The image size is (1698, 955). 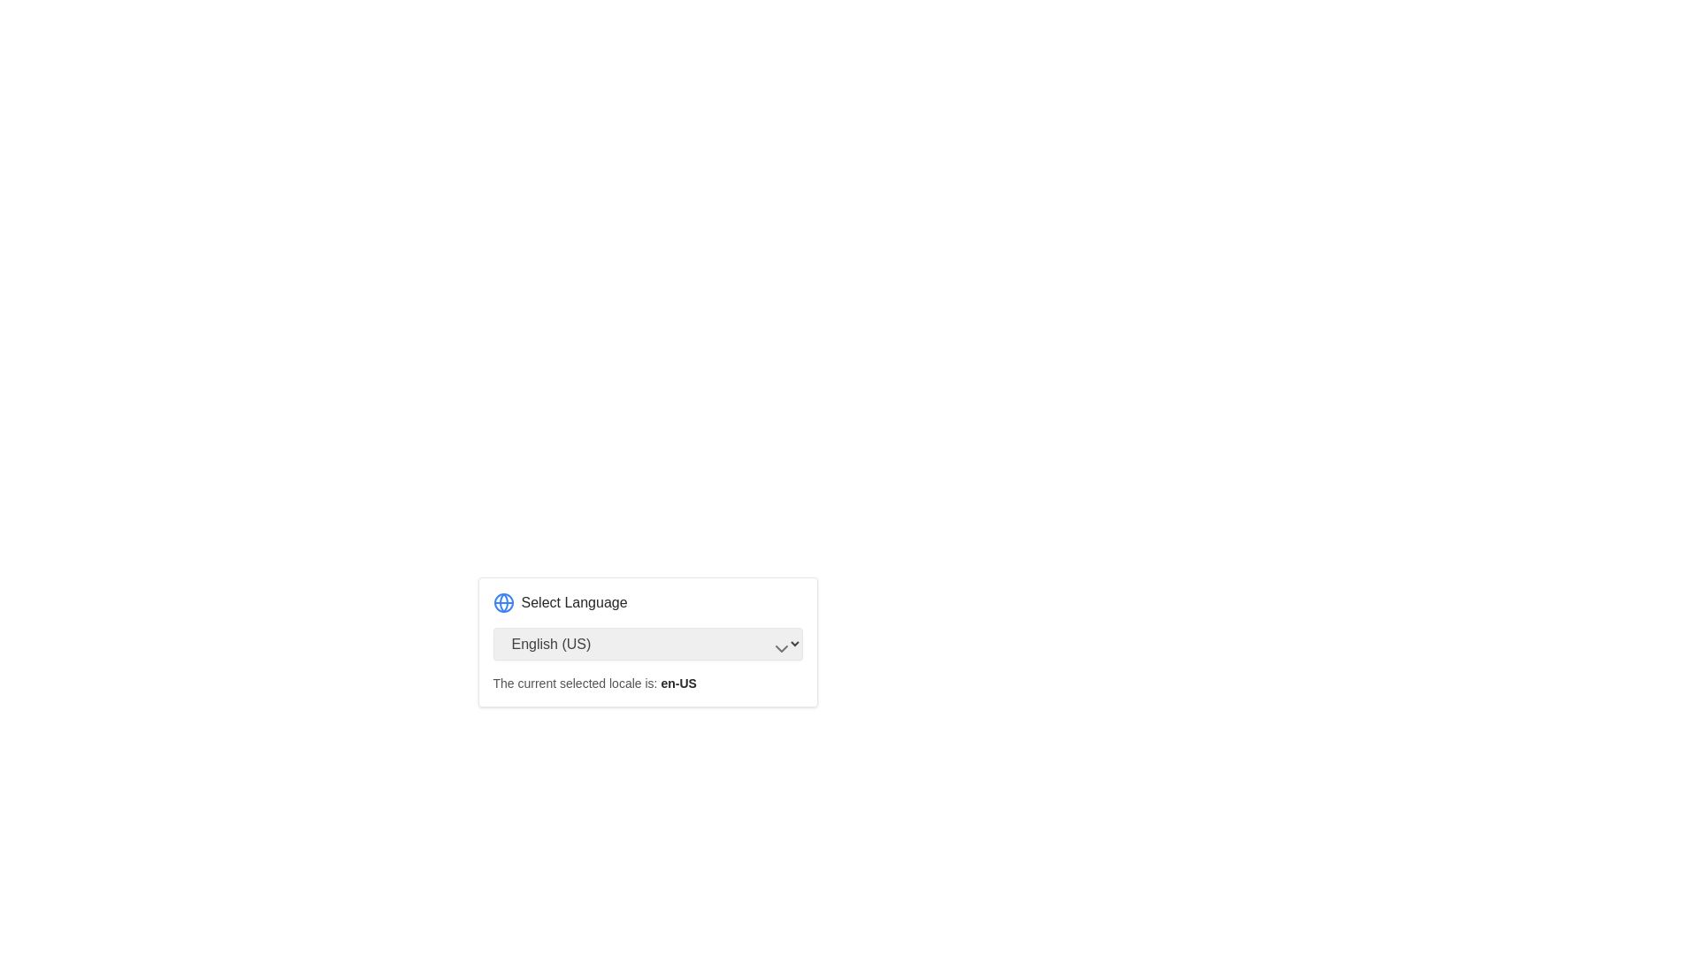 I want to click on the SVG Circle, which is the smallest component of the globe icon located at the bottom right corner of the interface, so click(x=502, y=602).